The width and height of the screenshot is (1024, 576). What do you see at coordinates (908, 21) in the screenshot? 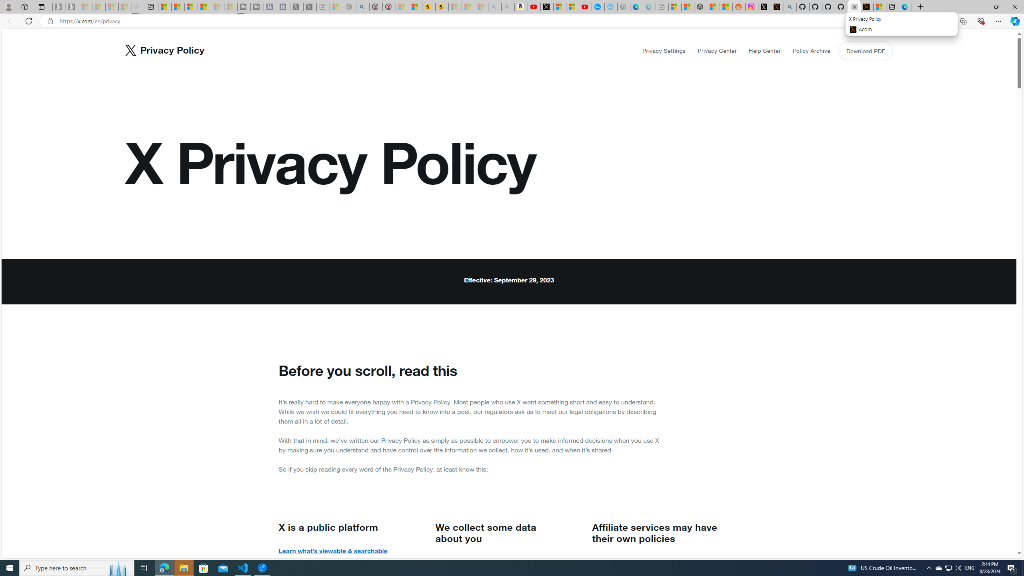
I see `'Enter Immersive Reader (F9)'` at bounding box center [908, 21].